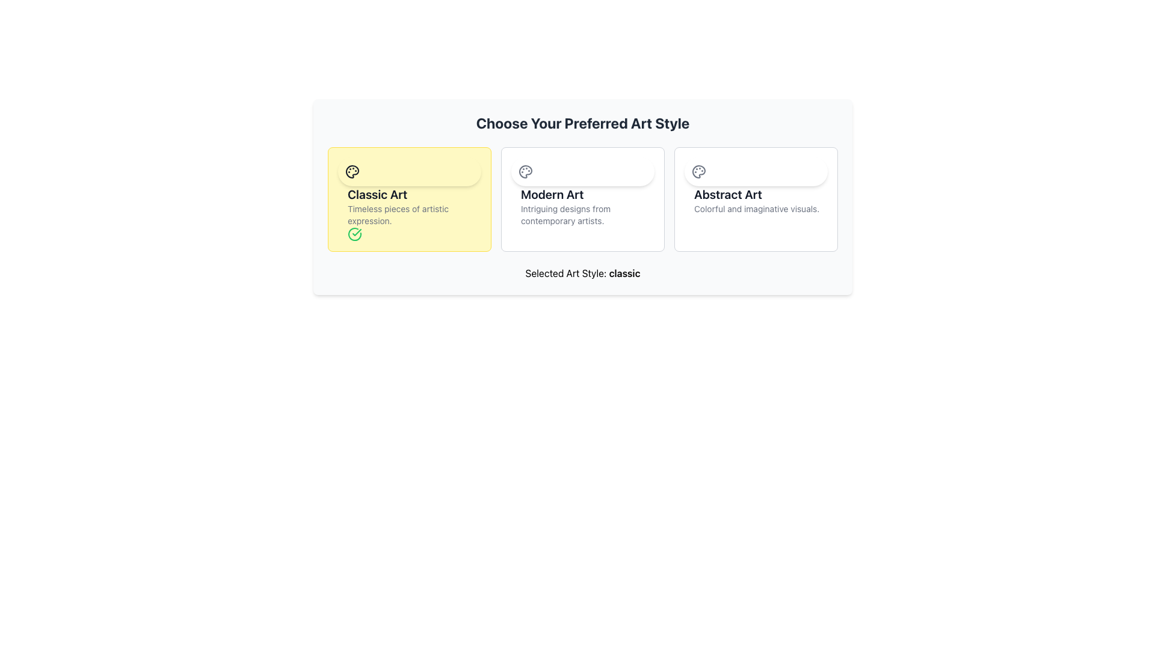 This screenshot has width=1155, height=649. Describe the element at coordinates (583, 123) in the screenshot. I see `header text element that introduces the section for selecting an art style, positioned centrally above the art style options cards` at that location.